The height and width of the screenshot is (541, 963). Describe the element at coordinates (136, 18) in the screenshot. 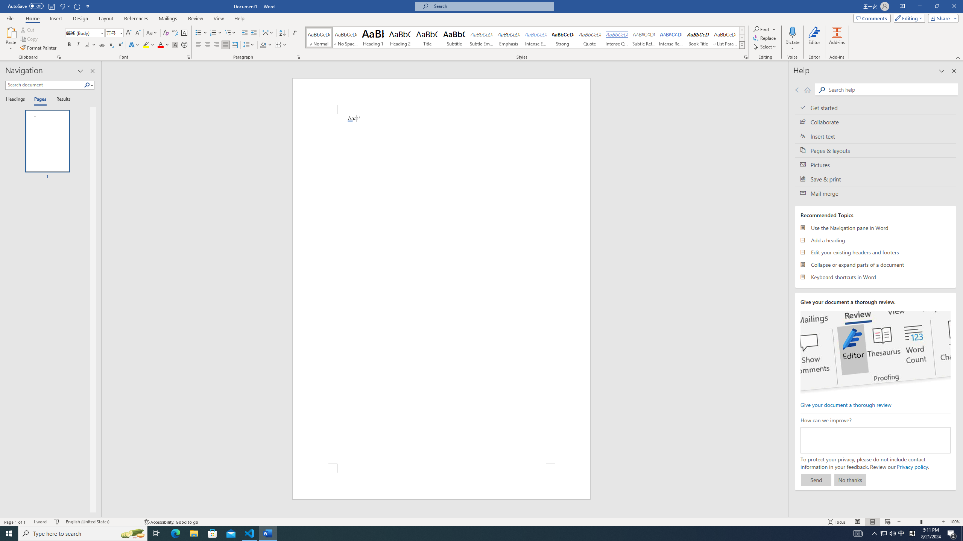

I see `'References'` at that location.